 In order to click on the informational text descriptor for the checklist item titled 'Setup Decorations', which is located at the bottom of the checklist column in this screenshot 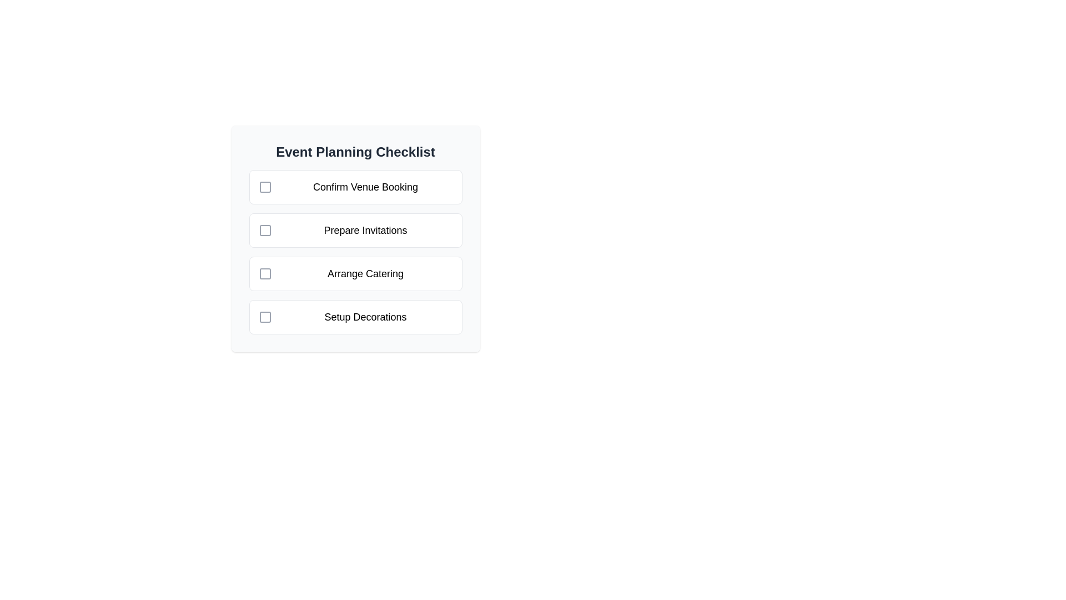, I will do `click(365, 317)`.